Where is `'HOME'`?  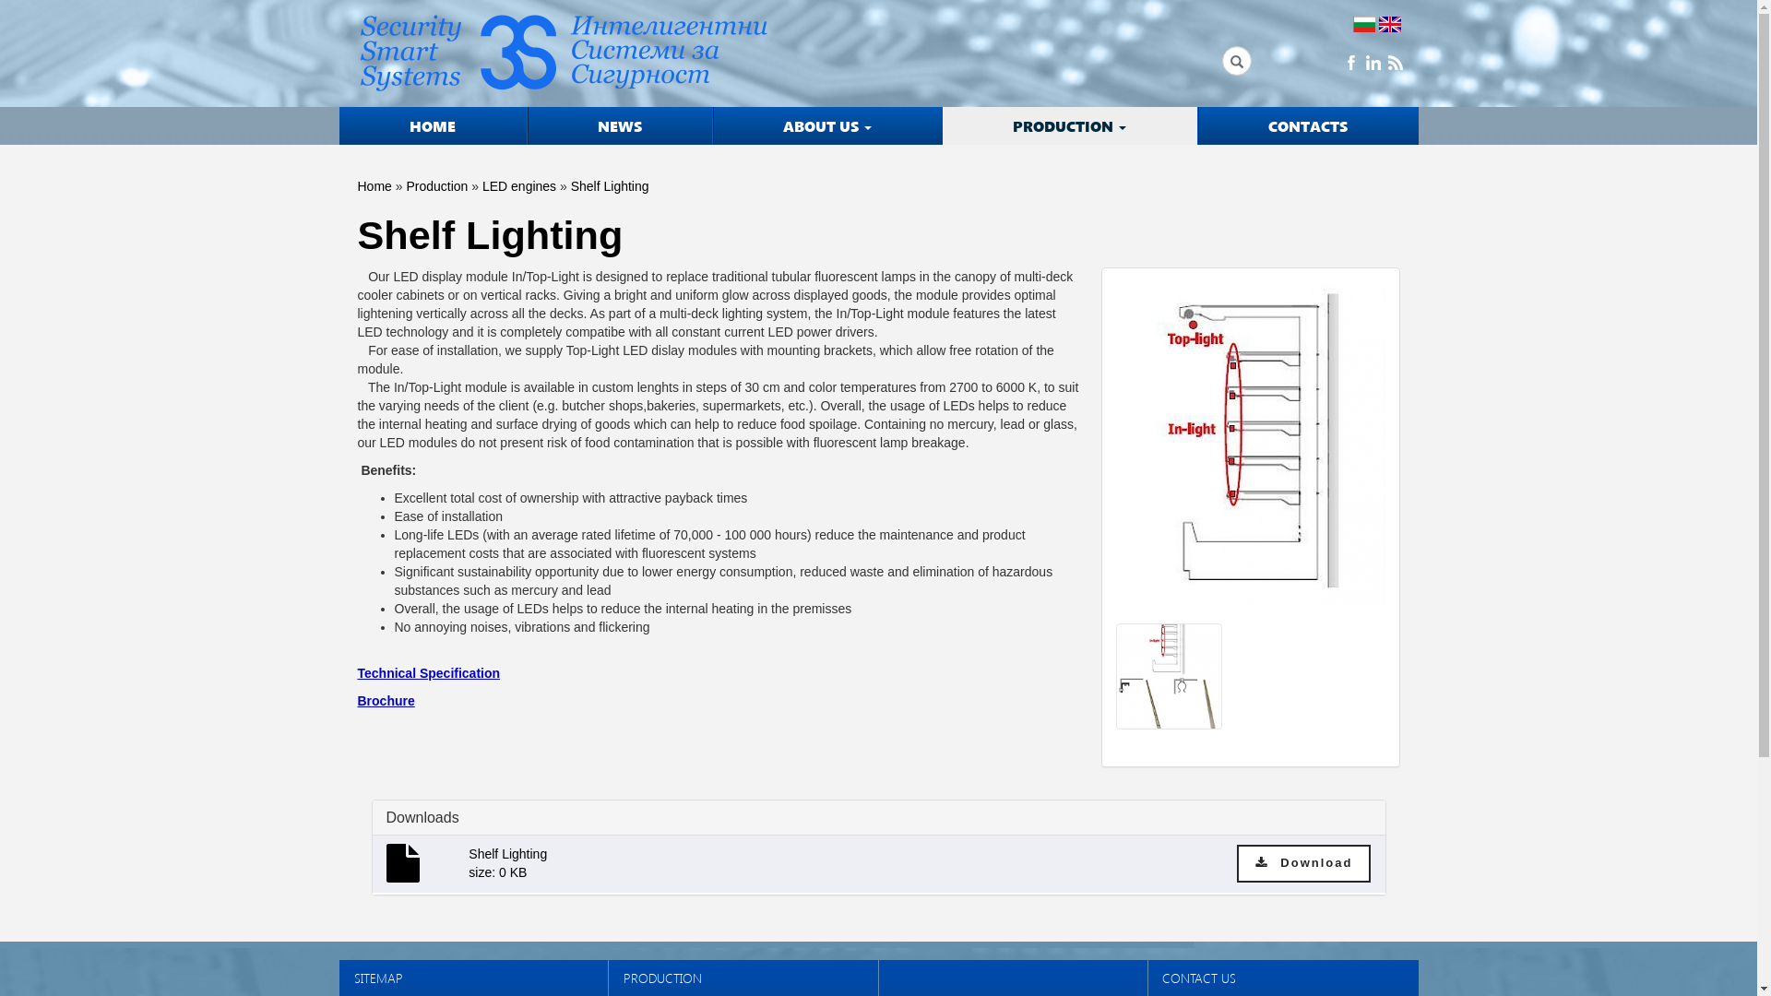
'HOME' is located at coordinates (339, 125).